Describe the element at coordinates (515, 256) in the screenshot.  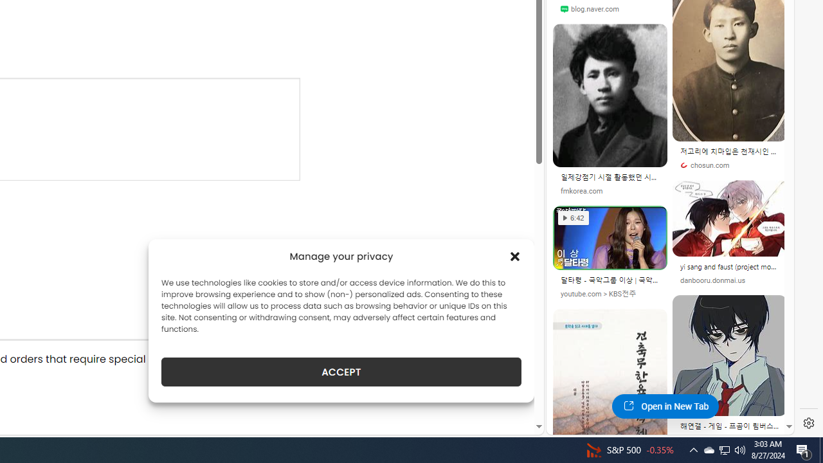
I see `'Class: cmplz-close'` at that location.